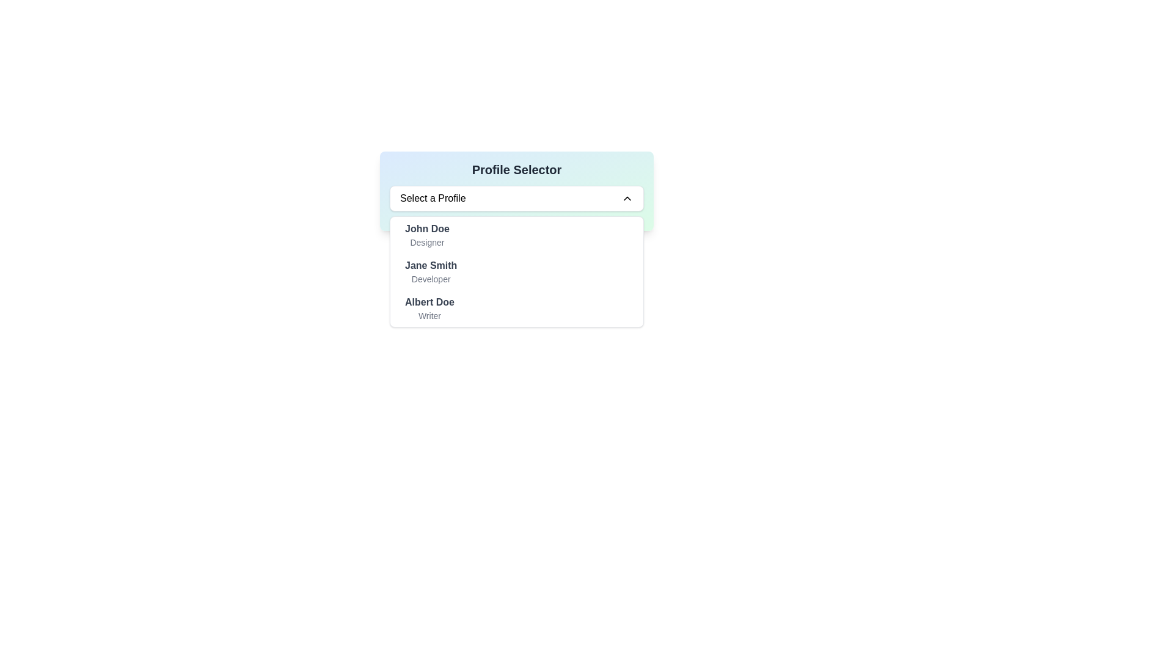 Image resolution: width=1173 pixels, height=660 pixels. I want to click on the text label 'John Doe' in the dropdown menu, so click(427, 235).